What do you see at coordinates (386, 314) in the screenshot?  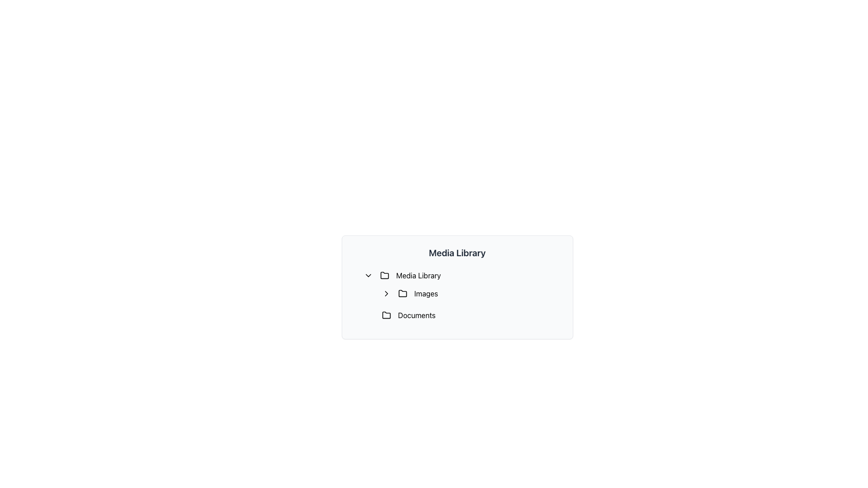 I see `the folder icon in the Media Library that indicates the 'Documents' directory, located to the left of the text 'Documents'` at bounding box center [386, 314].